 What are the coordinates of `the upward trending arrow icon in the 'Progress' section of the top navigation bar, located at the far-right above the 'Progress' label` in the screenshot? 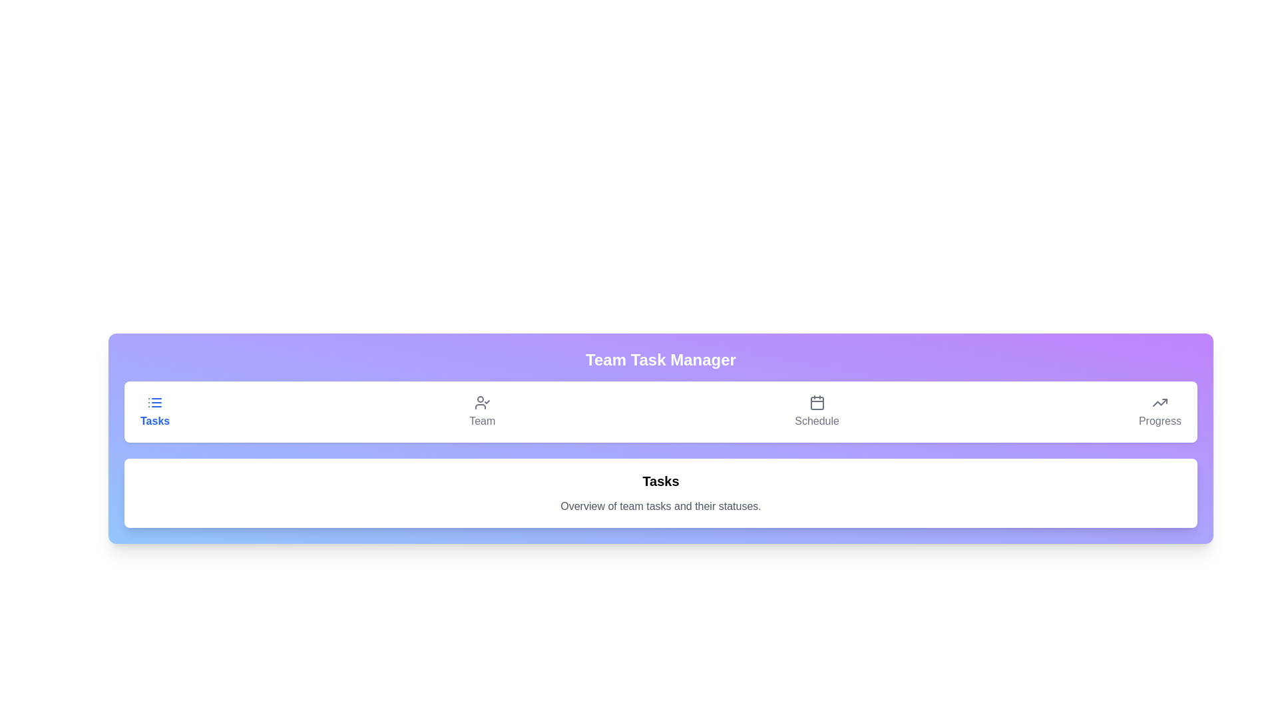 It's located at (1159, 402).